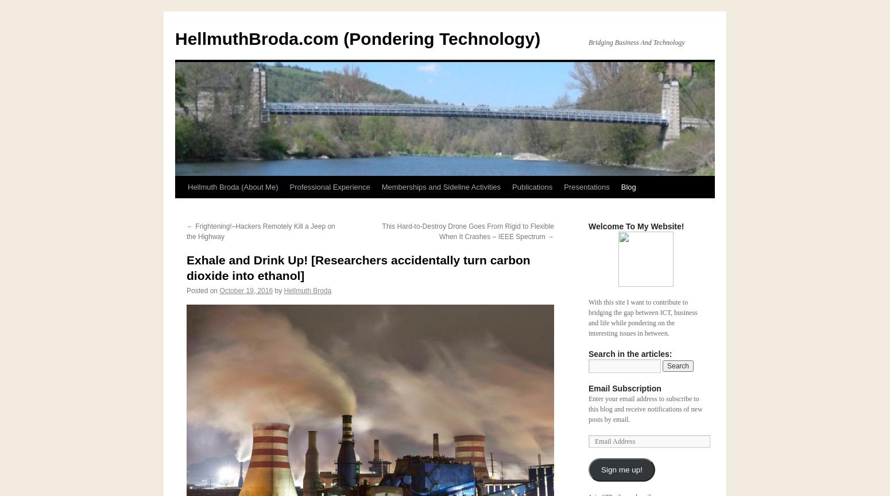 This screenshot has width=890, height=496. Describe the element at coordinates (260, 232) in the screenshot. I see `'Frightening!–Hackers Remotely Kill a Jeep on the Highway'` at that location.